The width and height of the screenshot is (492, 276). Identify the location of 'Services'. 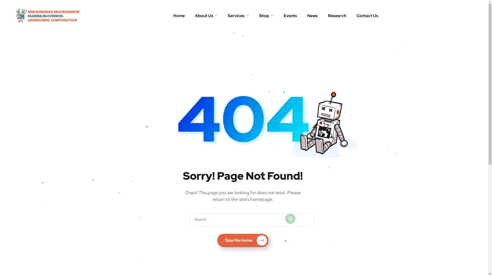
(227, 15).